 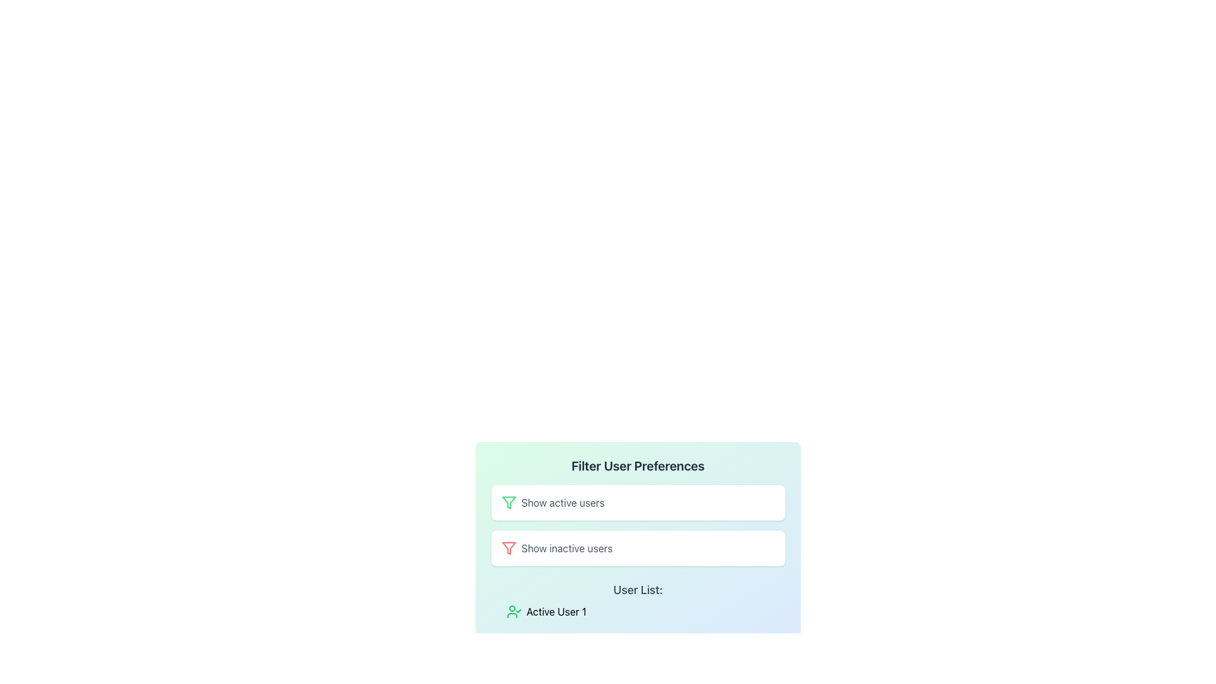 I want to click on the filter icon that indicates the functionality for 'Show active users', located directly to the left of the text 'Show active users', so click(x=509, y=502).